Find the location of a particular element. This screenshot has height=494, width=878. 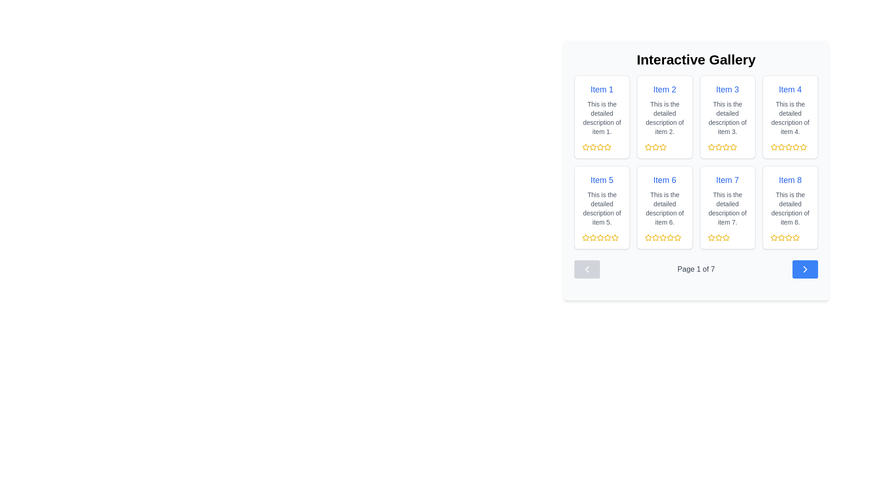

the first star icon in the rating section for 'Item 5' to indicate a potential rating value is located at coordinates (586, 237).